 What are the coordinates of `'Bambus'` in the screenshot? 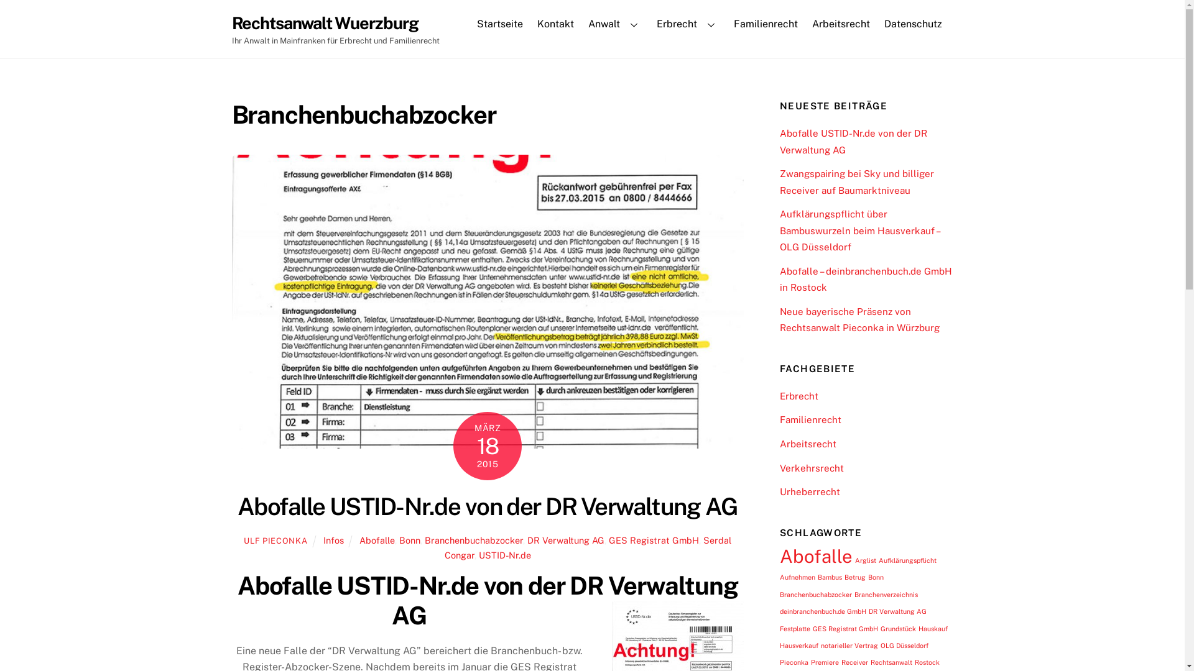 It's located at (830, 577).